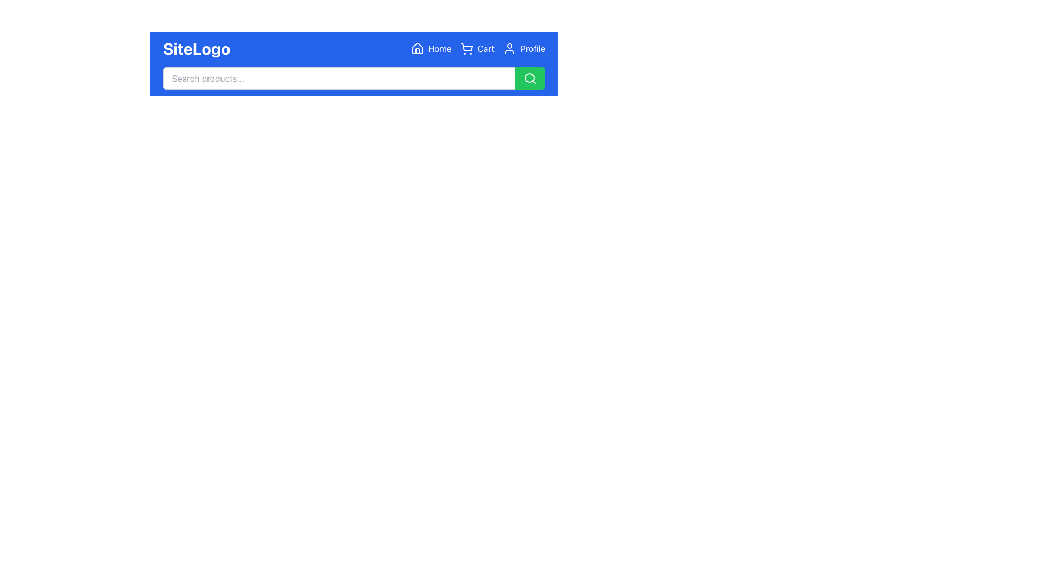 This screenshot has width=1040, height=585. What do you see at coordinates (530, 77) in the screenshot?
I see `the circular part of the magnifying glass icon located at the top-right portion of the search bar` at bounding box center [530, 77].